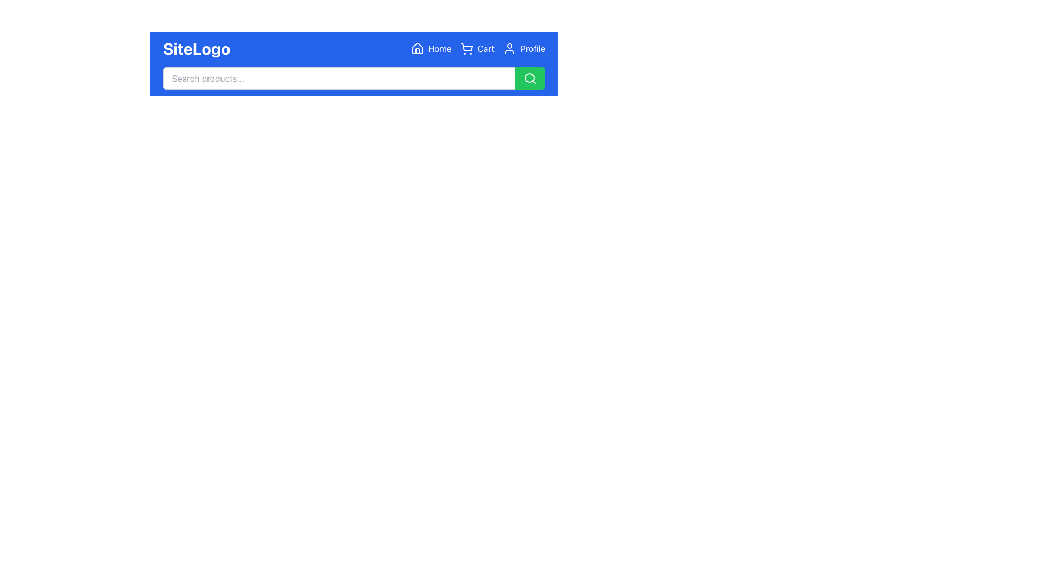 This screenshot has width=1040, height=585. What do you see at coordinates (530, 77) in the screenshot?
I see `the circular part of the magnifying glass icon located at the top-right portion of the search bar` at bounding box center [530, 77].